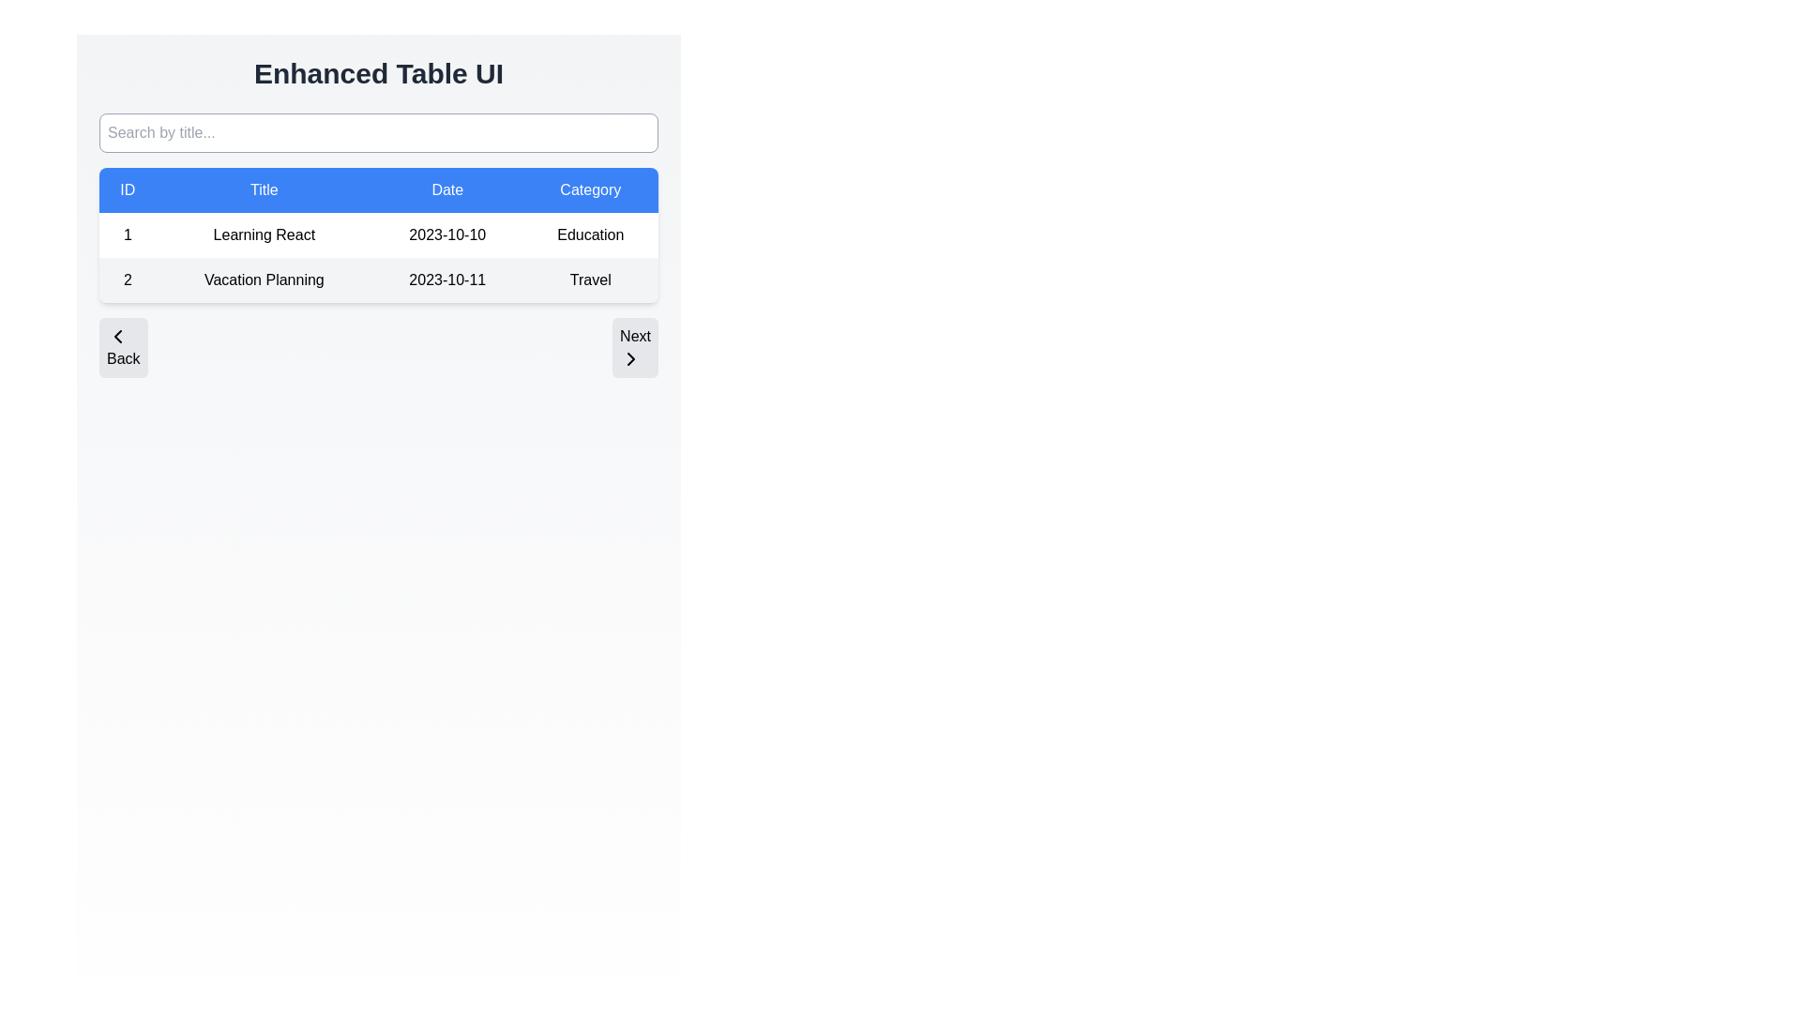 The height and width of the screenshot is (1013, 1801). Describe the element at coordinates (589, 280) in the screenshot. I see `the static text element that indicates the category classification 'Travel' located in the third column of the second row of the table, following the 'Date' cell with the value '2023-10-11'` at that location.